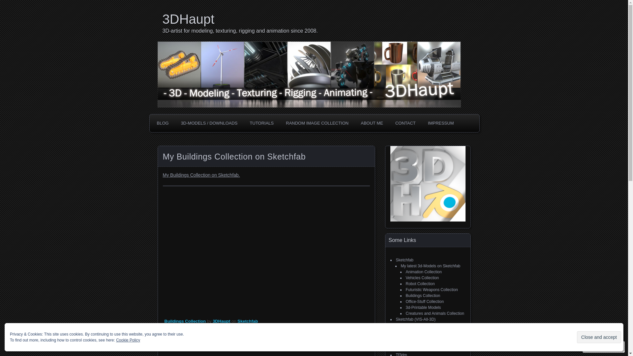  Describe the element at coordinates (441, 123) in the screenshot. I see `'IMPRESSUM'` at that location.